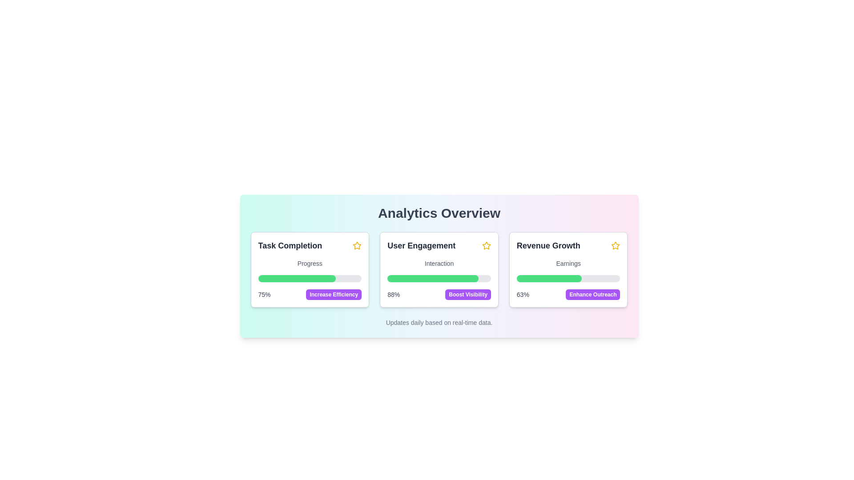  I want to click on the progress bar located in the first card labeled 'Task Completion', which visually represents 75% completion, positioned below the text 'Progress' and above the percentage label '75%', so click(310, 278).